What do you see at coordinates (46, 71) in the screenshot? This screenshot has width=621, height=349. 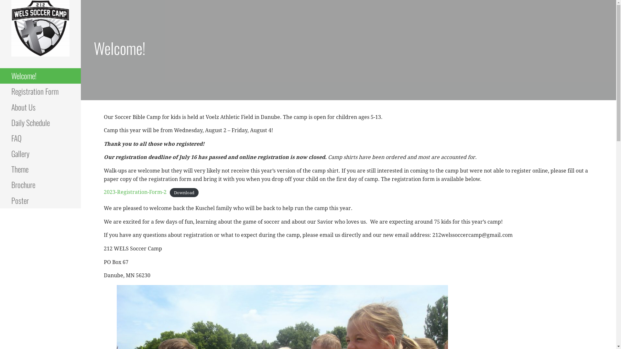 I see `'212 WELS SOCCER CAMP'` at bounding box center [46, 71].